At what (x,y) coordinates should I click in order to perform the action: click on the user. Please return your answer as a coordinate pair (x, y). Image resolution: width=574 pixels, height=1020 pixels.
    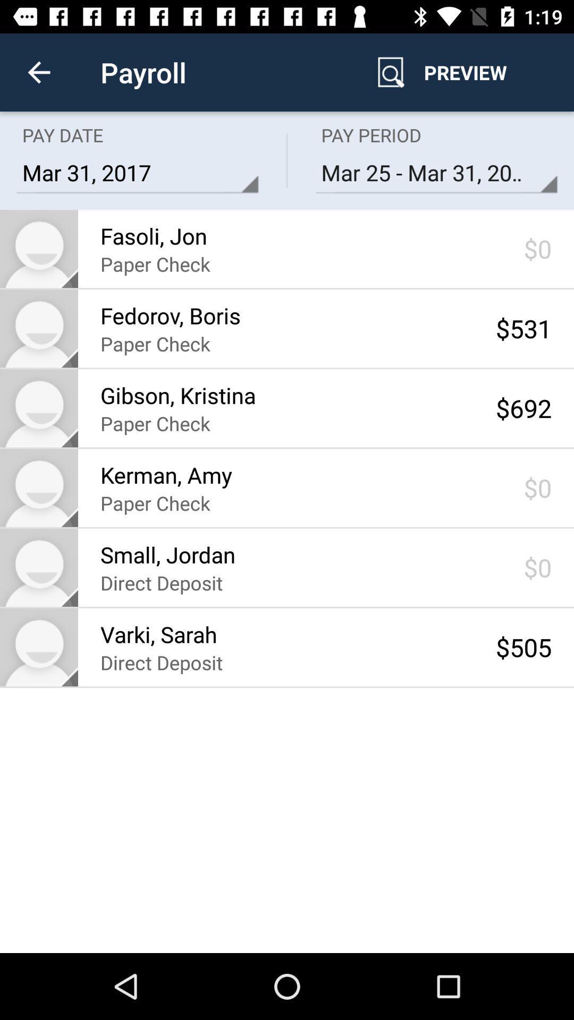
    Looking at the image, I should click on (38, 407).